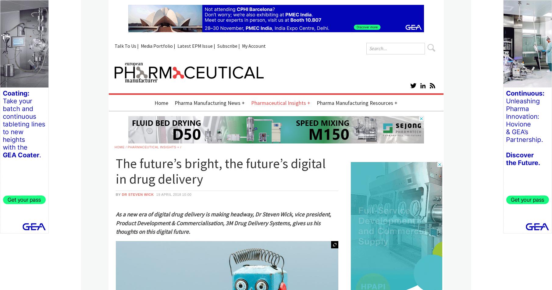  I want to click on 'linkedin', so click(474, 84).